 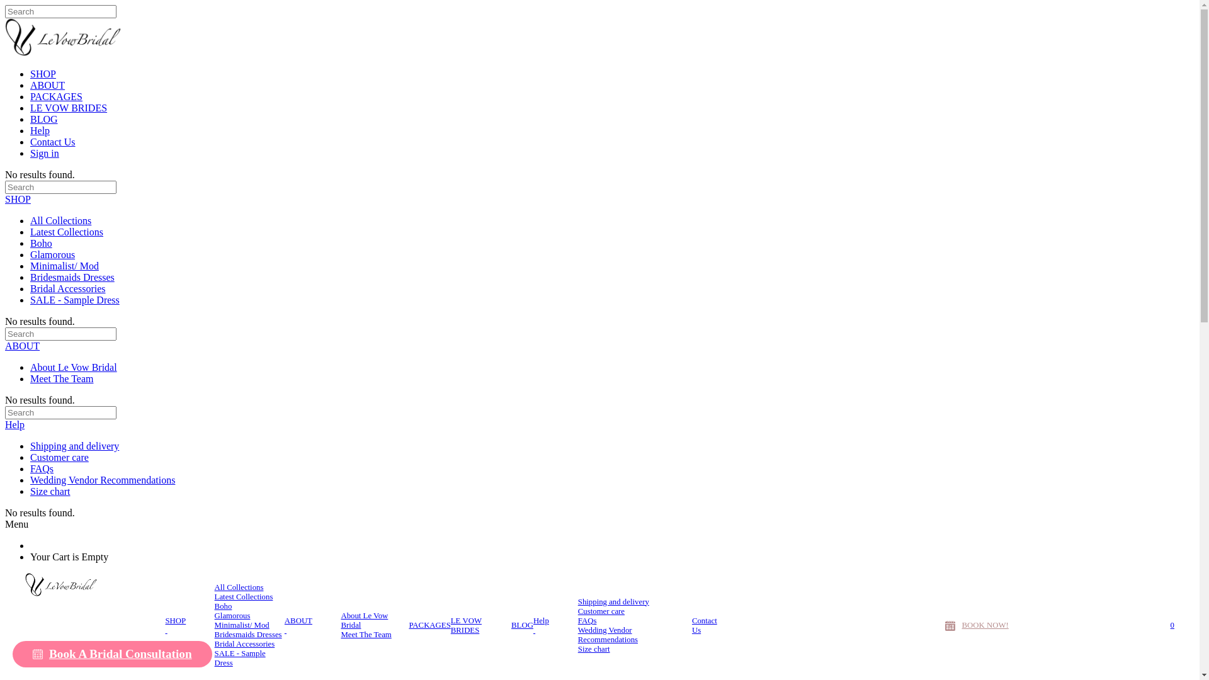 I want to click on 'BLOG', so click(x=44, y=119).